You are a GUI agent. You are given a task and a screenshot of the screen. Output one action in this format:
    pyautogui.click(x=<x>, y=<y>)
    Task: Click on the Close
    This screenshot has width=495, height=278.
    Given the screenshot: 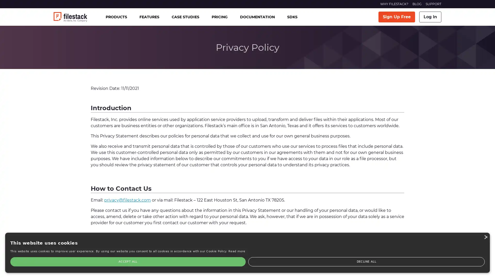 What is the action you would take?
    pyautogui.click(x=78, y=216)
    